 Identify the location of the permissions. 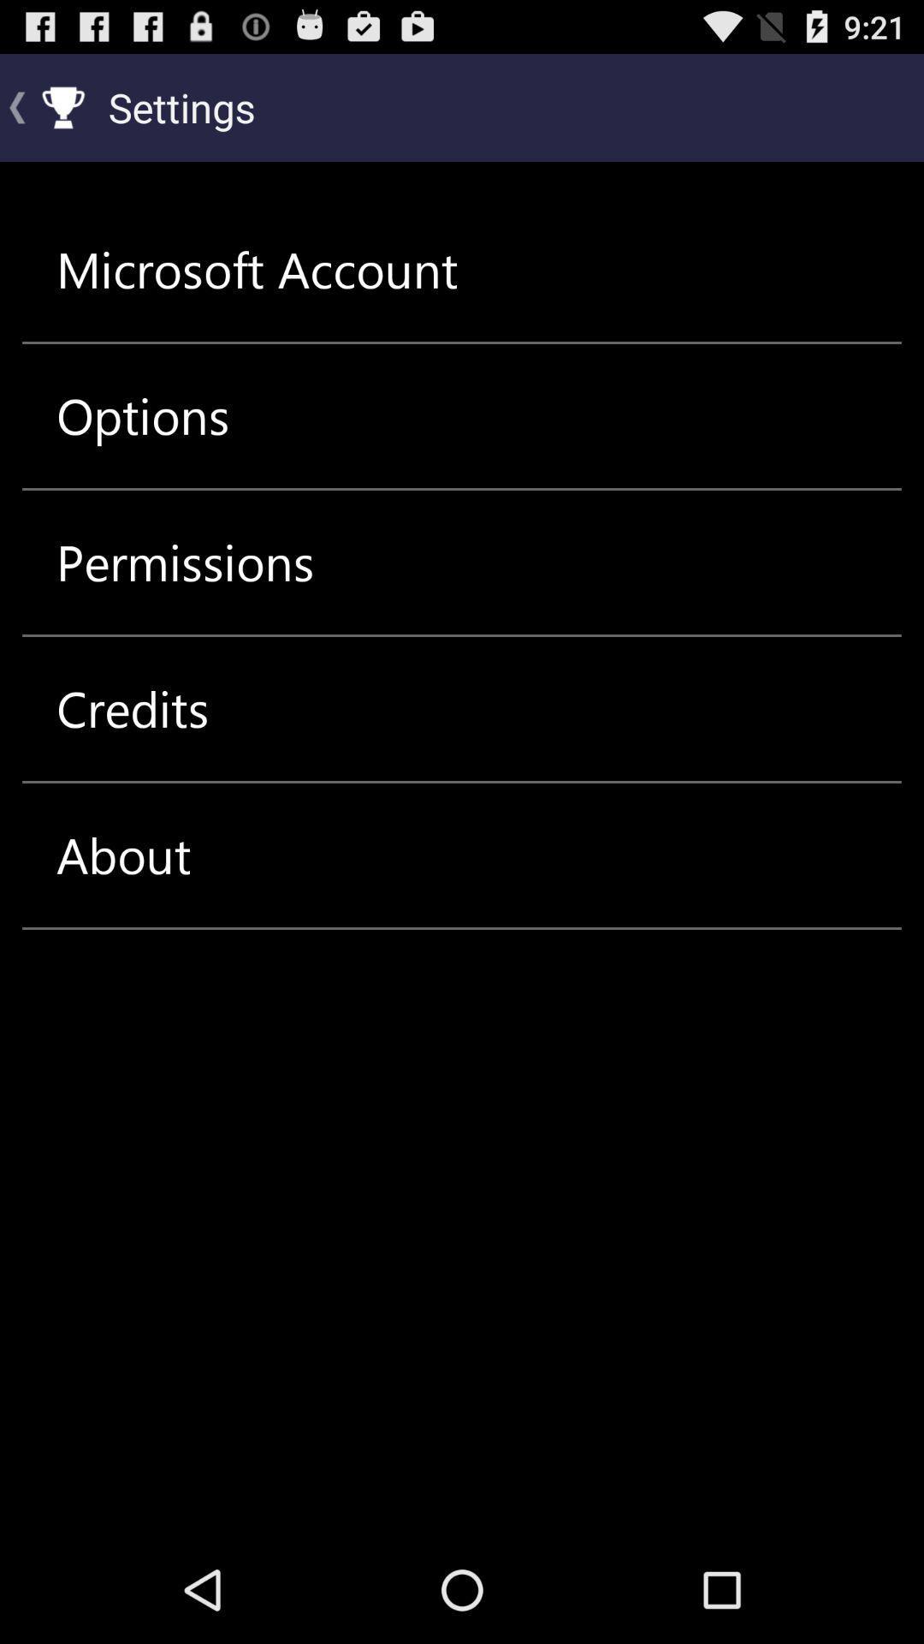
(185, 563).